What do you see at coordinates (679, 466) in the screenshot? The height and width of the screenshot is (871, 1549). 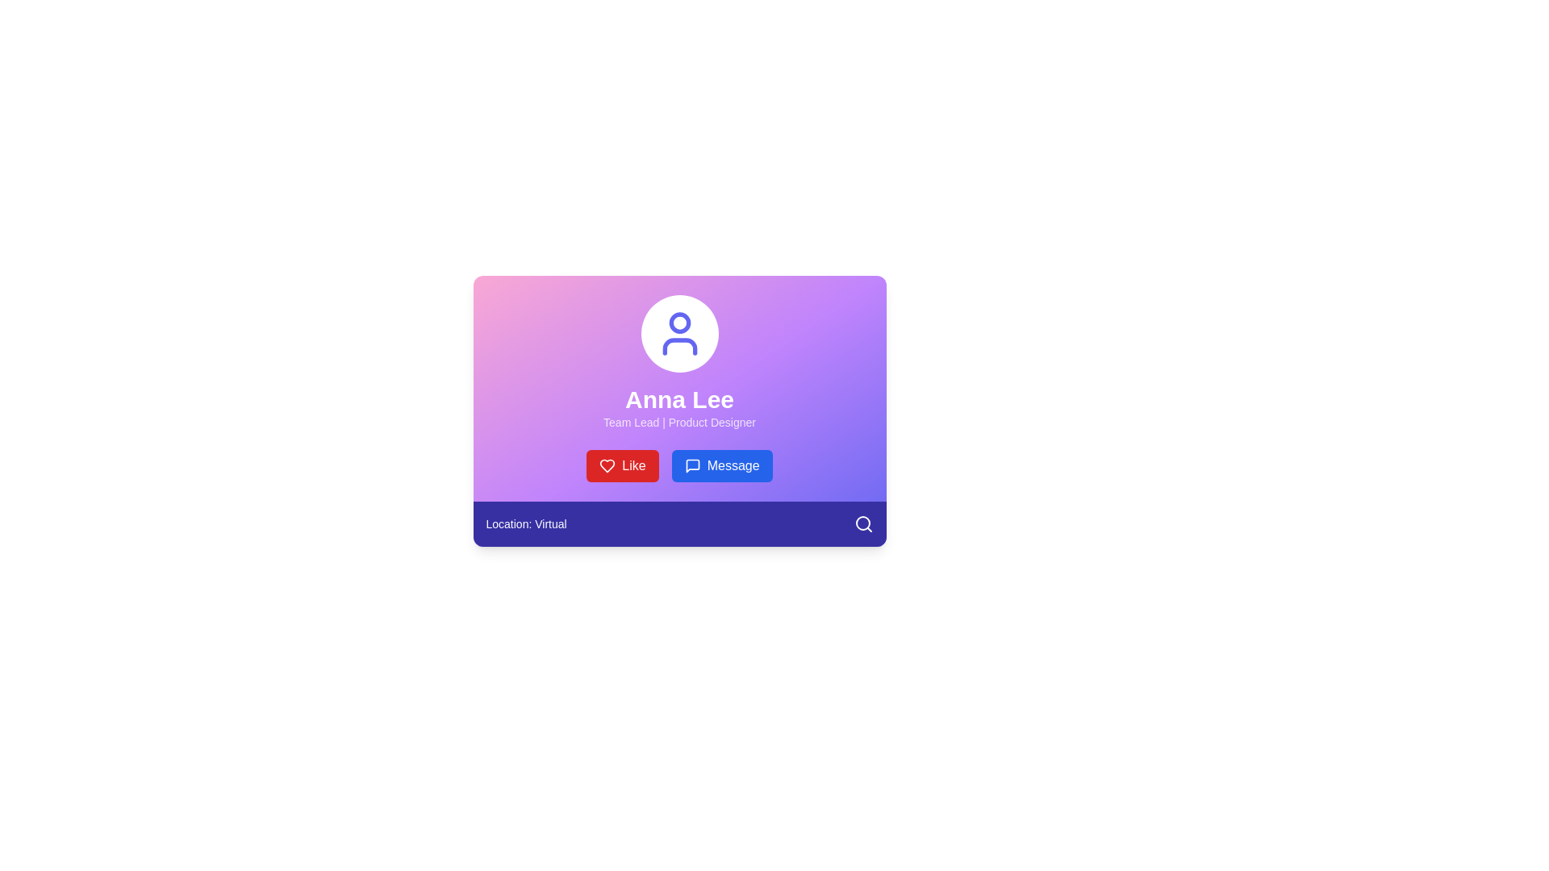 I see `the 'Message' button in the horizontal grouping of buttons located at the bottom center of the profile card, which is styled with a blue background and a white message icon` at bounding box center [679, 466].